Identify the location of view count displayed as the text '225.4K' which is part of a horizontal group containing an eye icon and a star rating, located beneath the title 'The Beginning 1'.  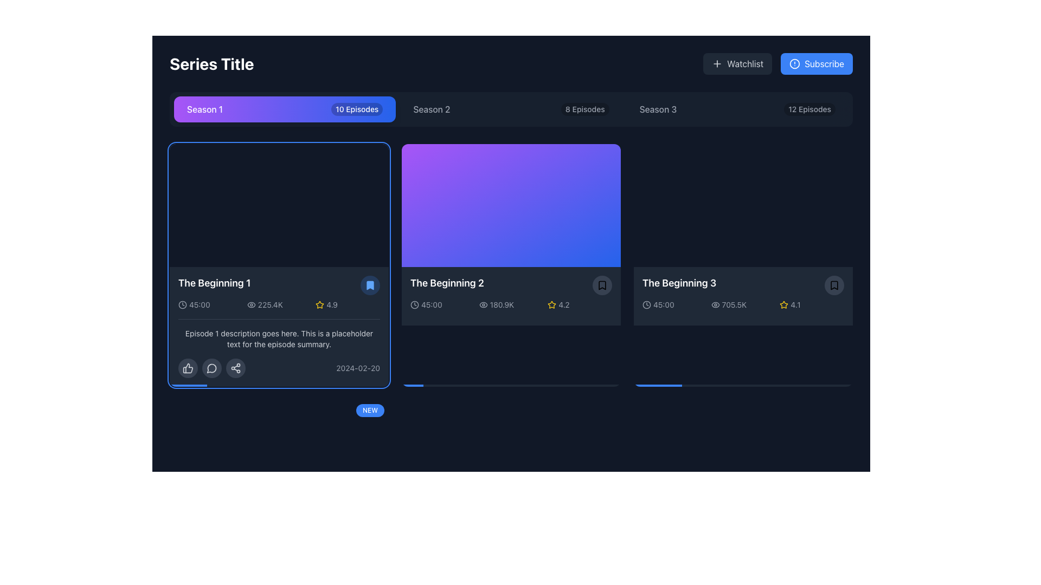
(270, 305).